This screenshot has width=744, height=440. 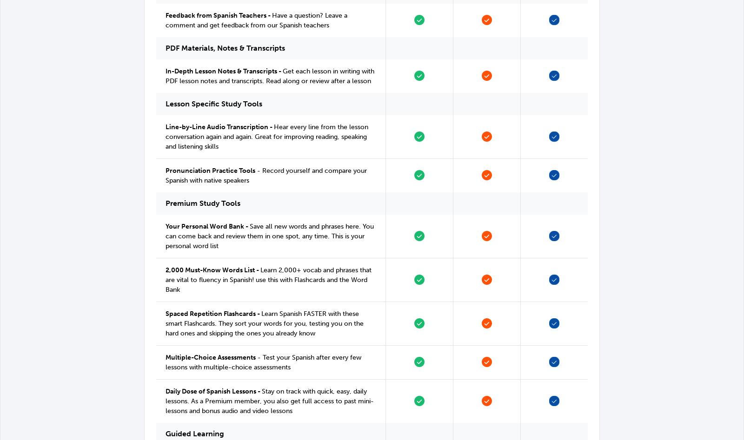 What do you see at coordinates (268, 280) in the screenshot?
I see `'Learn 2,000+ vocab and phrases that are vital to fluency in Spanish! use this with Flashcards and the Word Bank'` at bounding box center [268, 280].